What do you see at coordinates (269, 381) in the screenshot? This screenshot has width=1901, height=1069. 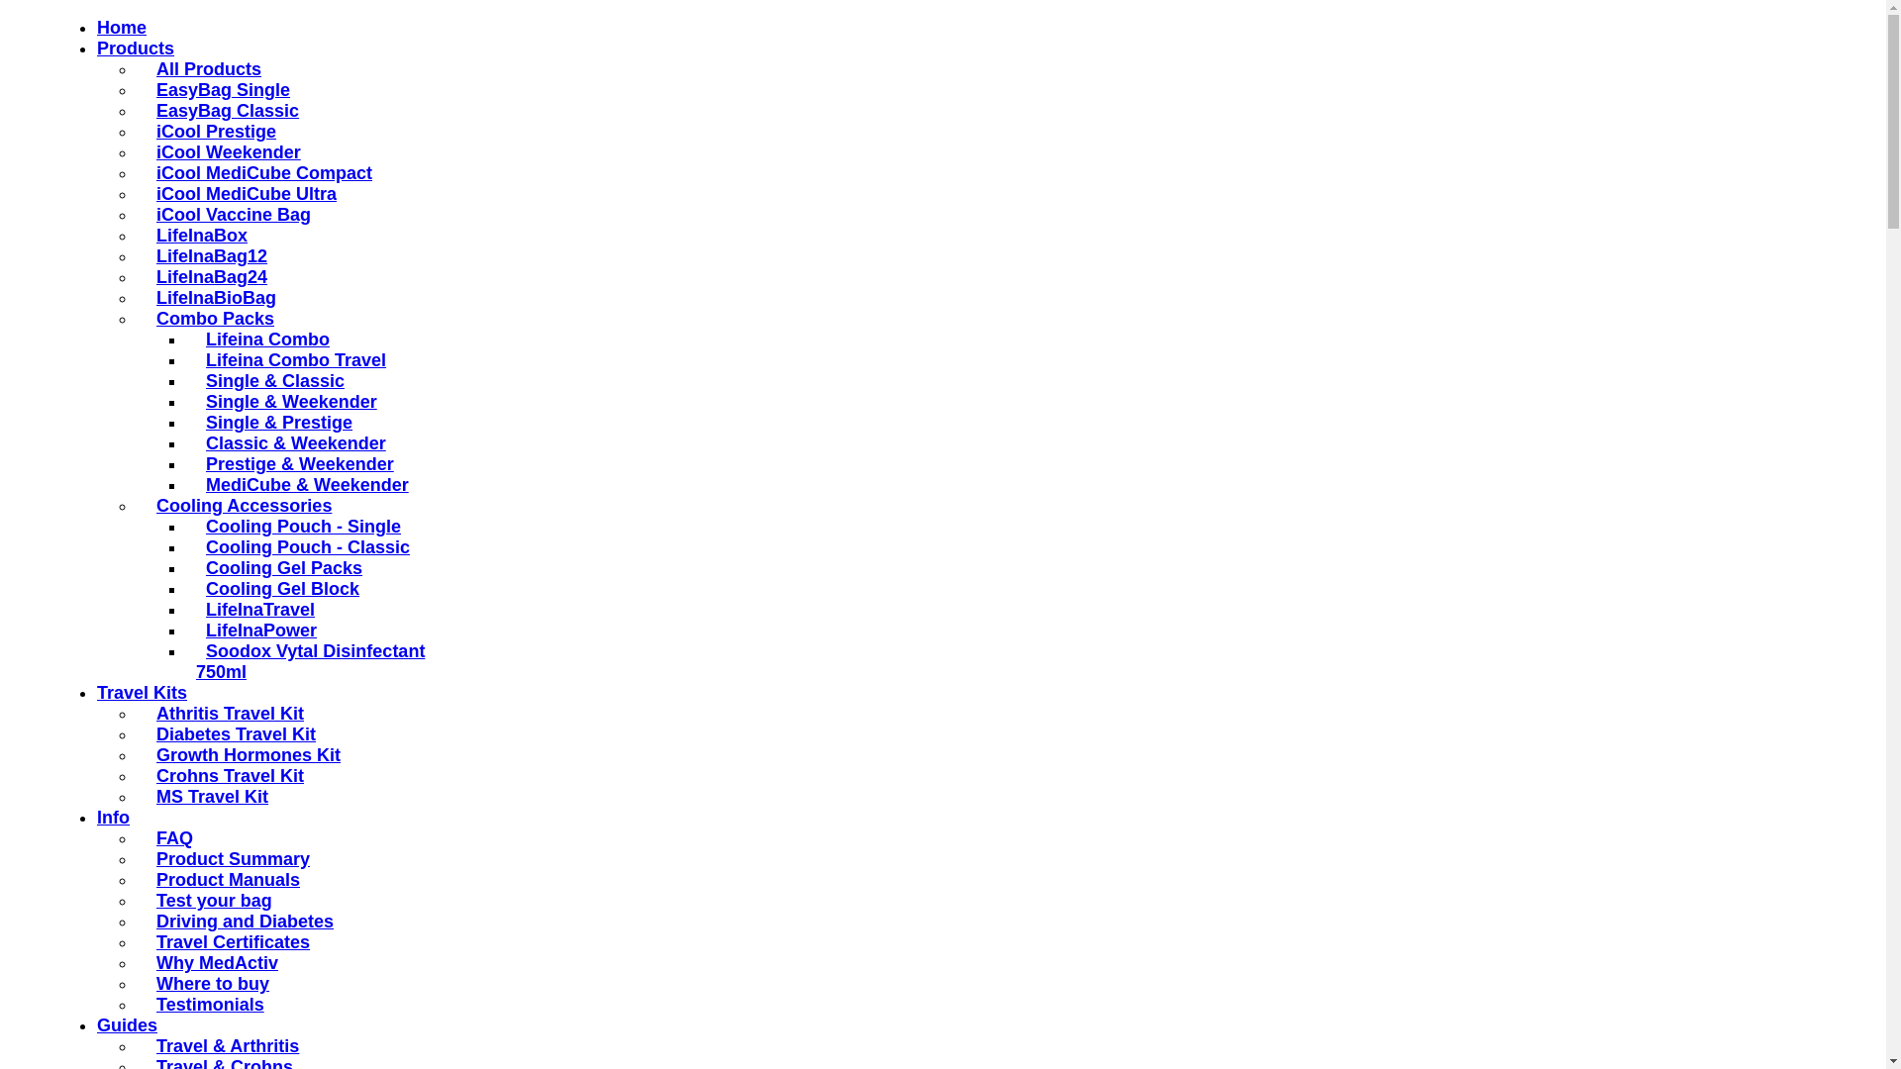 I see `'Single & Classic'` at bounding box center [269, 381].